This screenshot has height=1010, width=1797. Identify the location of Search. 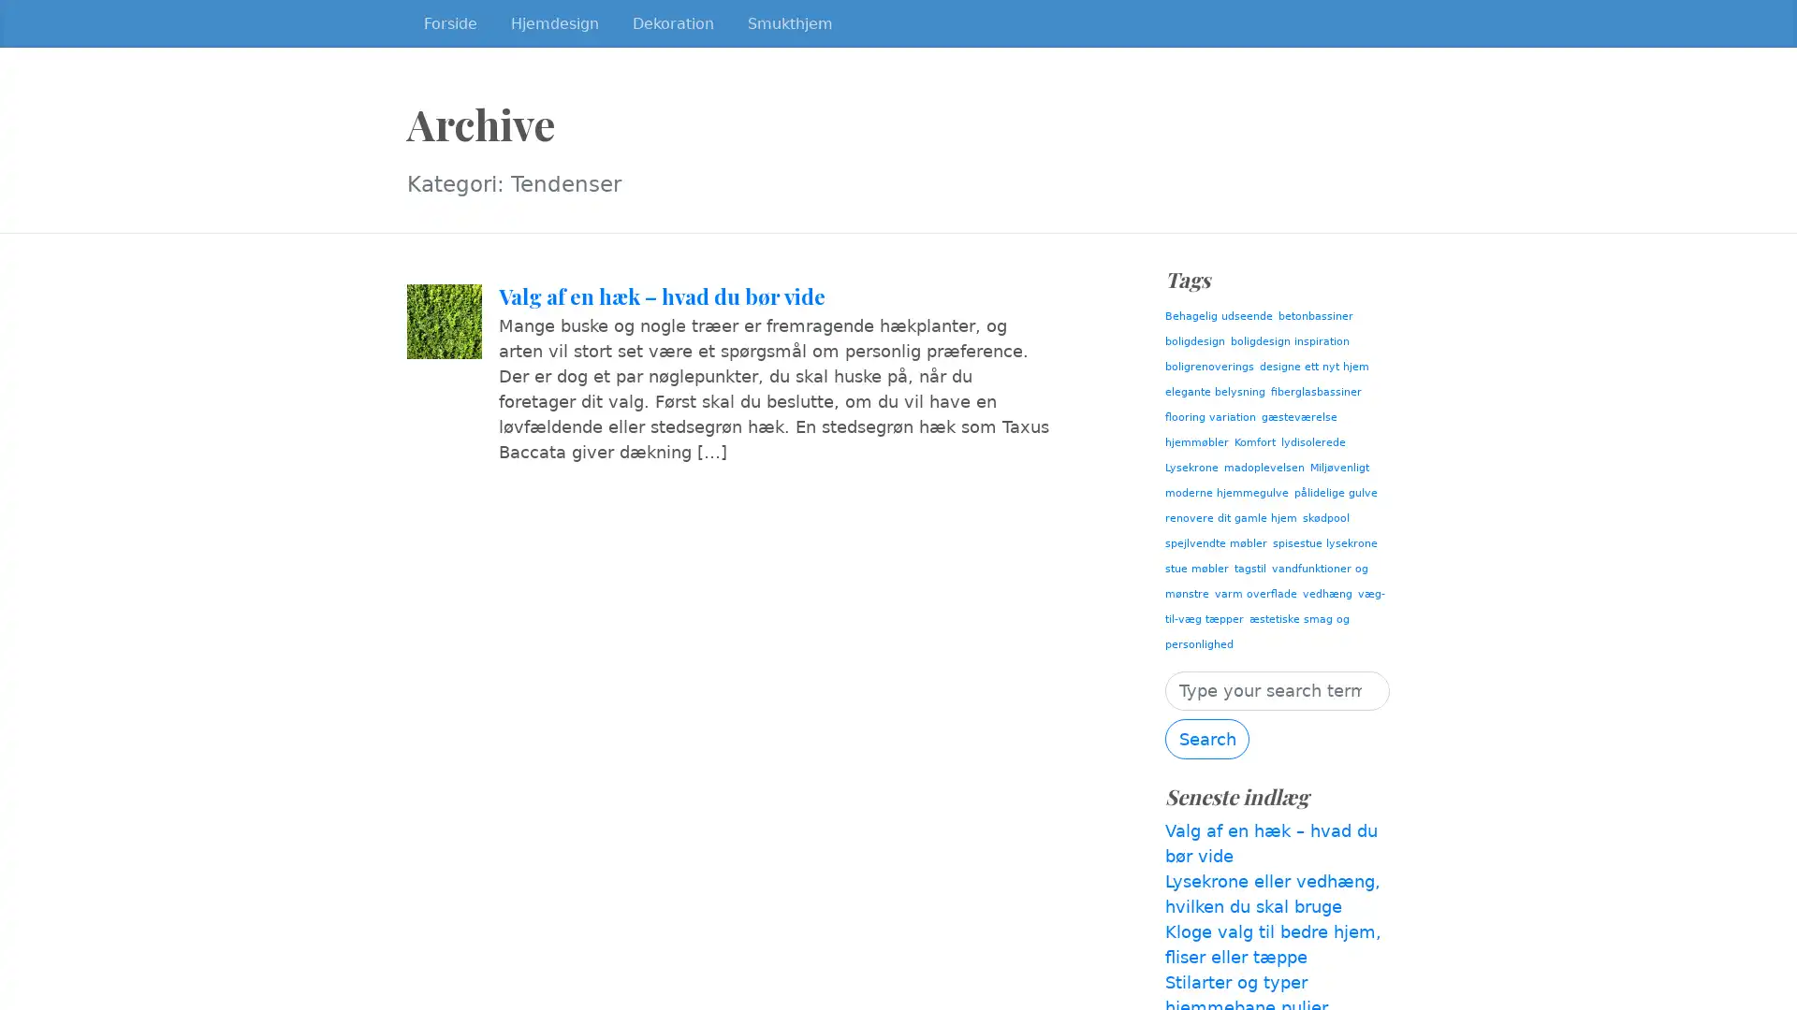
(1207, 738).